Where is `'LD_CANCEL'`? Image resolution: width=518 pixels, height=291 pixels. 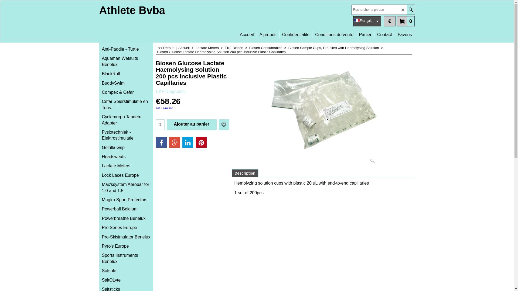
'LD_CANCEL' is located at coordinates (403, 9).